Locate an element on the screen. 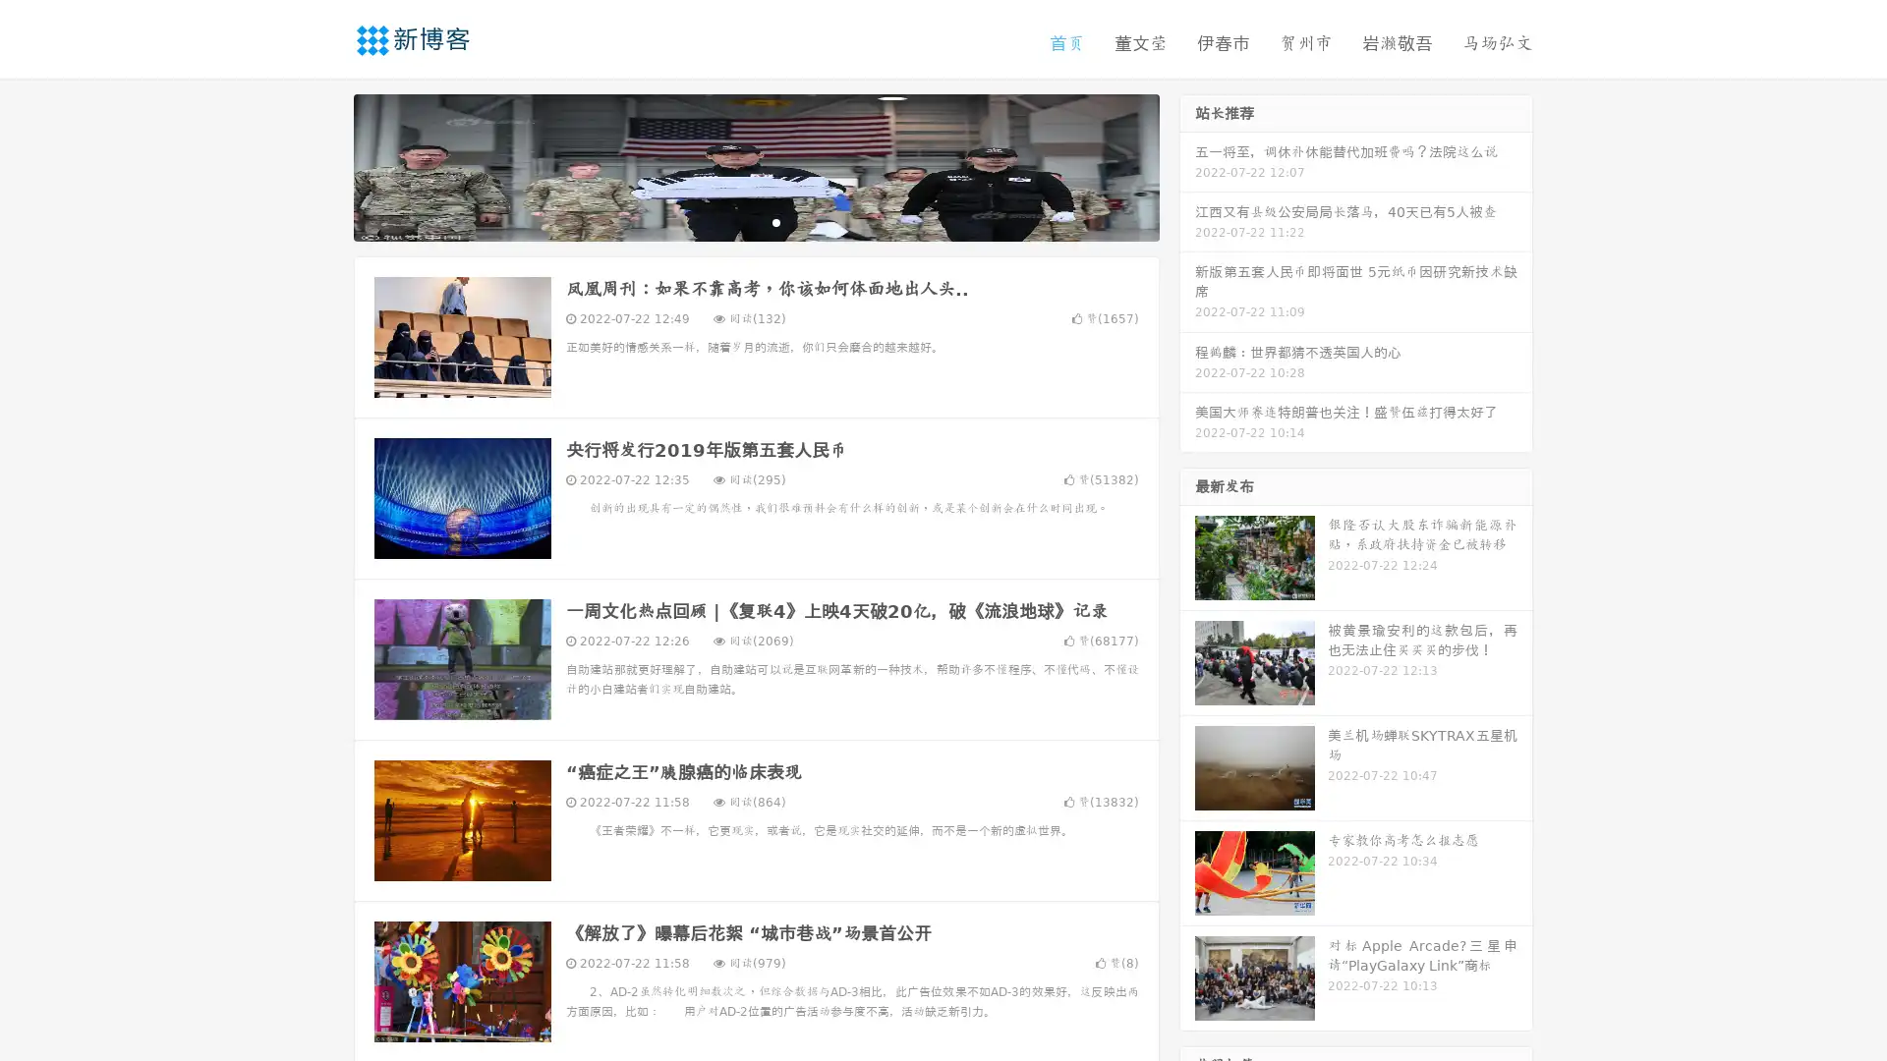 Image resolution: width=1887 pixels, height=1061 pixels. Previous slide is located at coordinates (324, 165).